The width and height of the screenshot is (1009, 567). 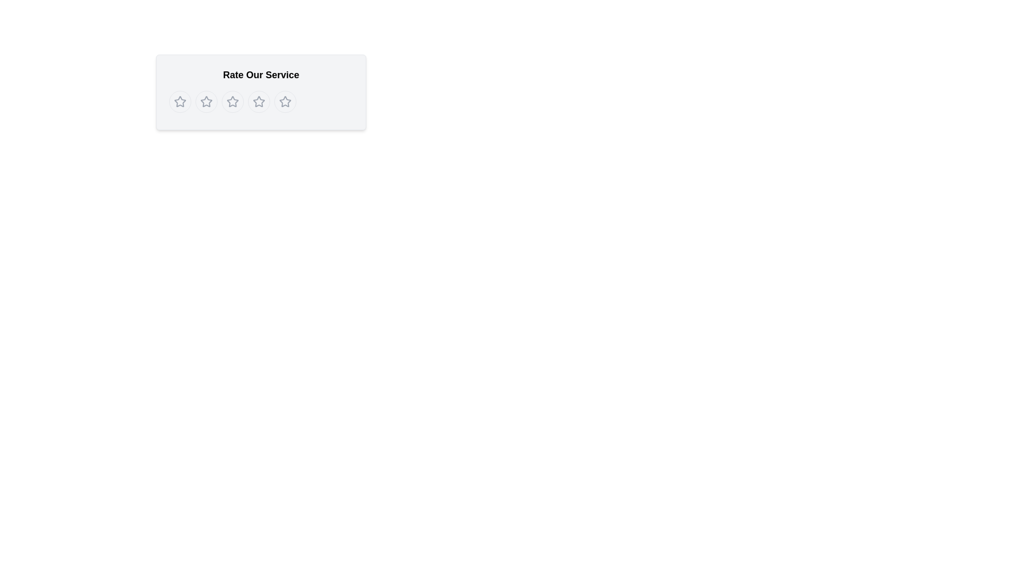 What do you see at coordinates (232, 101) in the screenshot?
I see `the third star icon in the rating interface below the 'Rate Our Service' header` at bounding box center [232, 101].